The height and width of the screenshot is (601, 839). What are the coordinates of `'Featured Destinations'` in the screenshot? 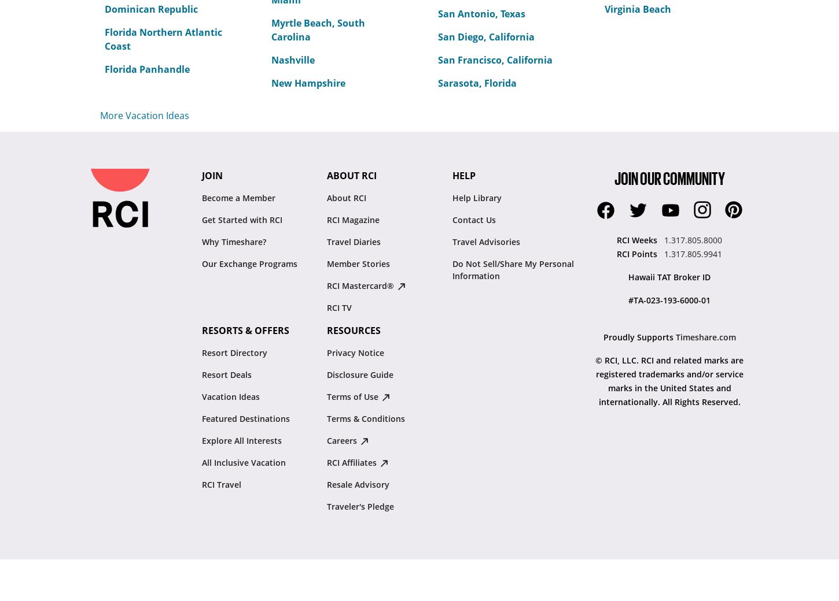 It's located at (245, 418).